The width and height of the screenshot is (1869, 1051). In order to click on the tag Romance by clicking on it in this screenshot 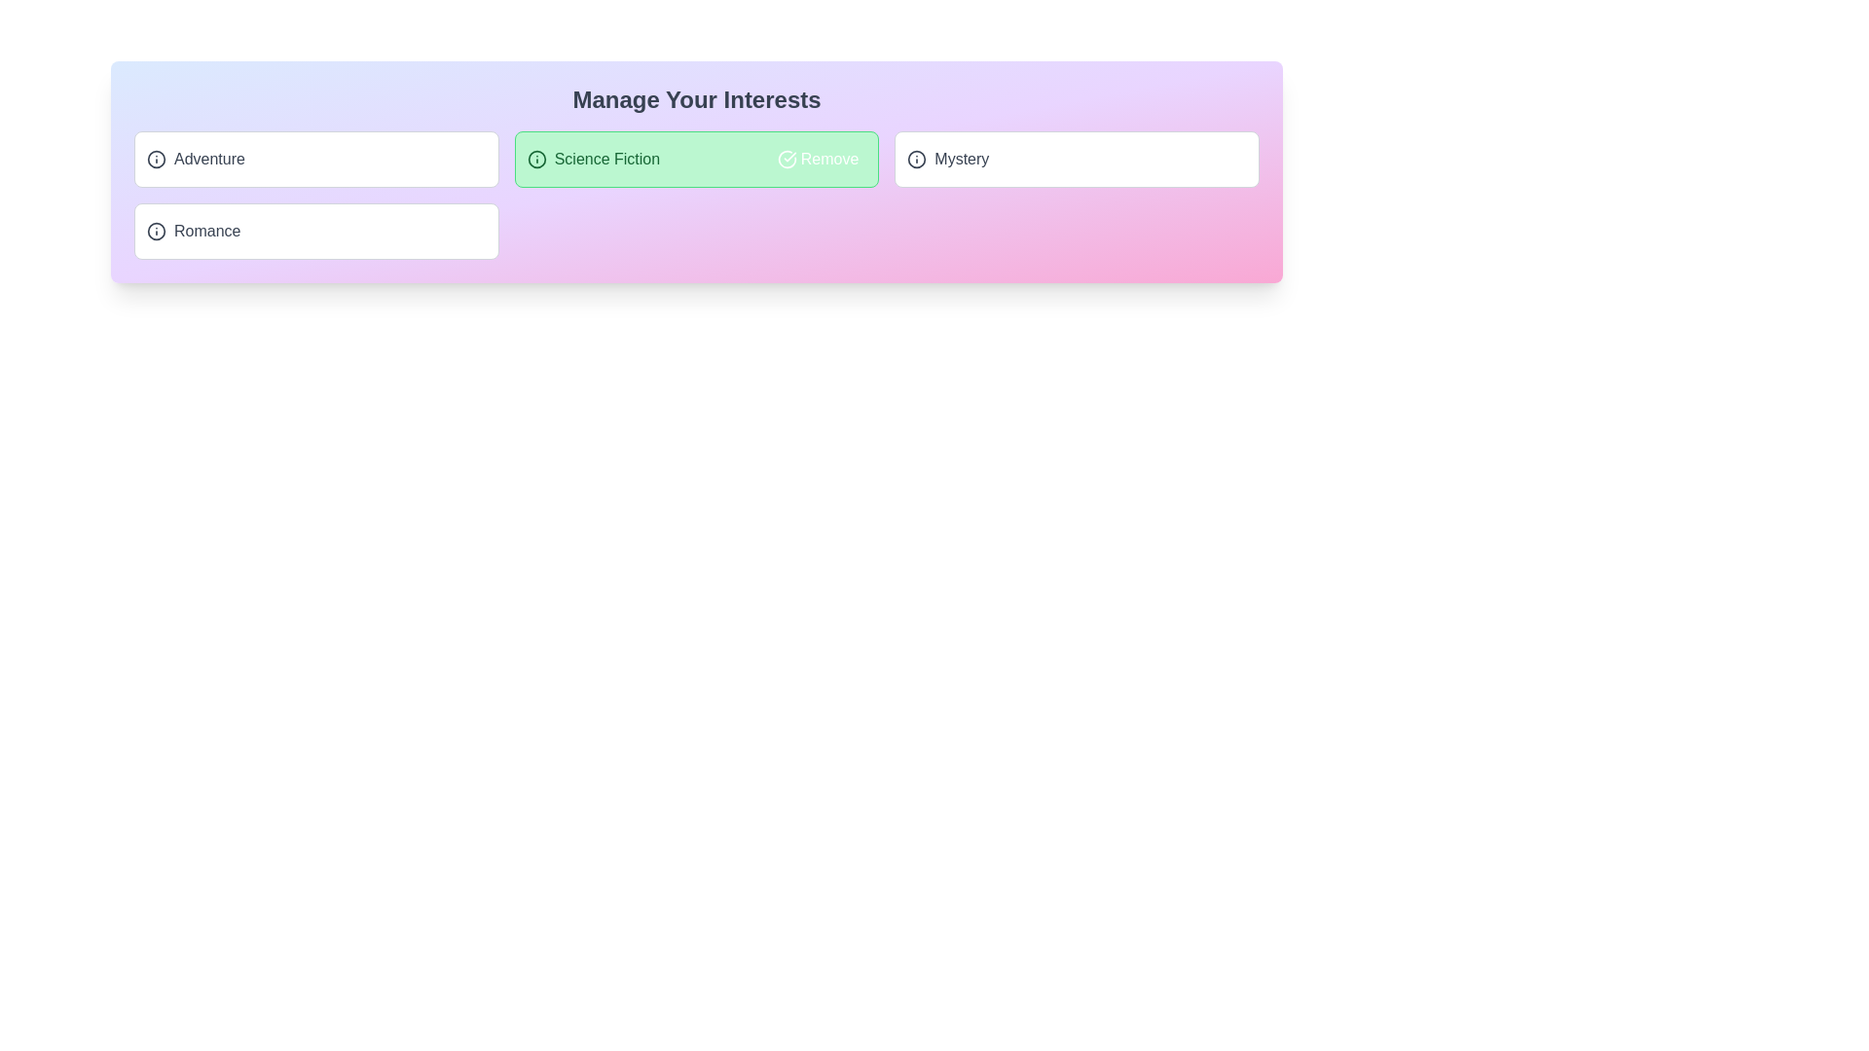, I will do `click(316, 231)`.